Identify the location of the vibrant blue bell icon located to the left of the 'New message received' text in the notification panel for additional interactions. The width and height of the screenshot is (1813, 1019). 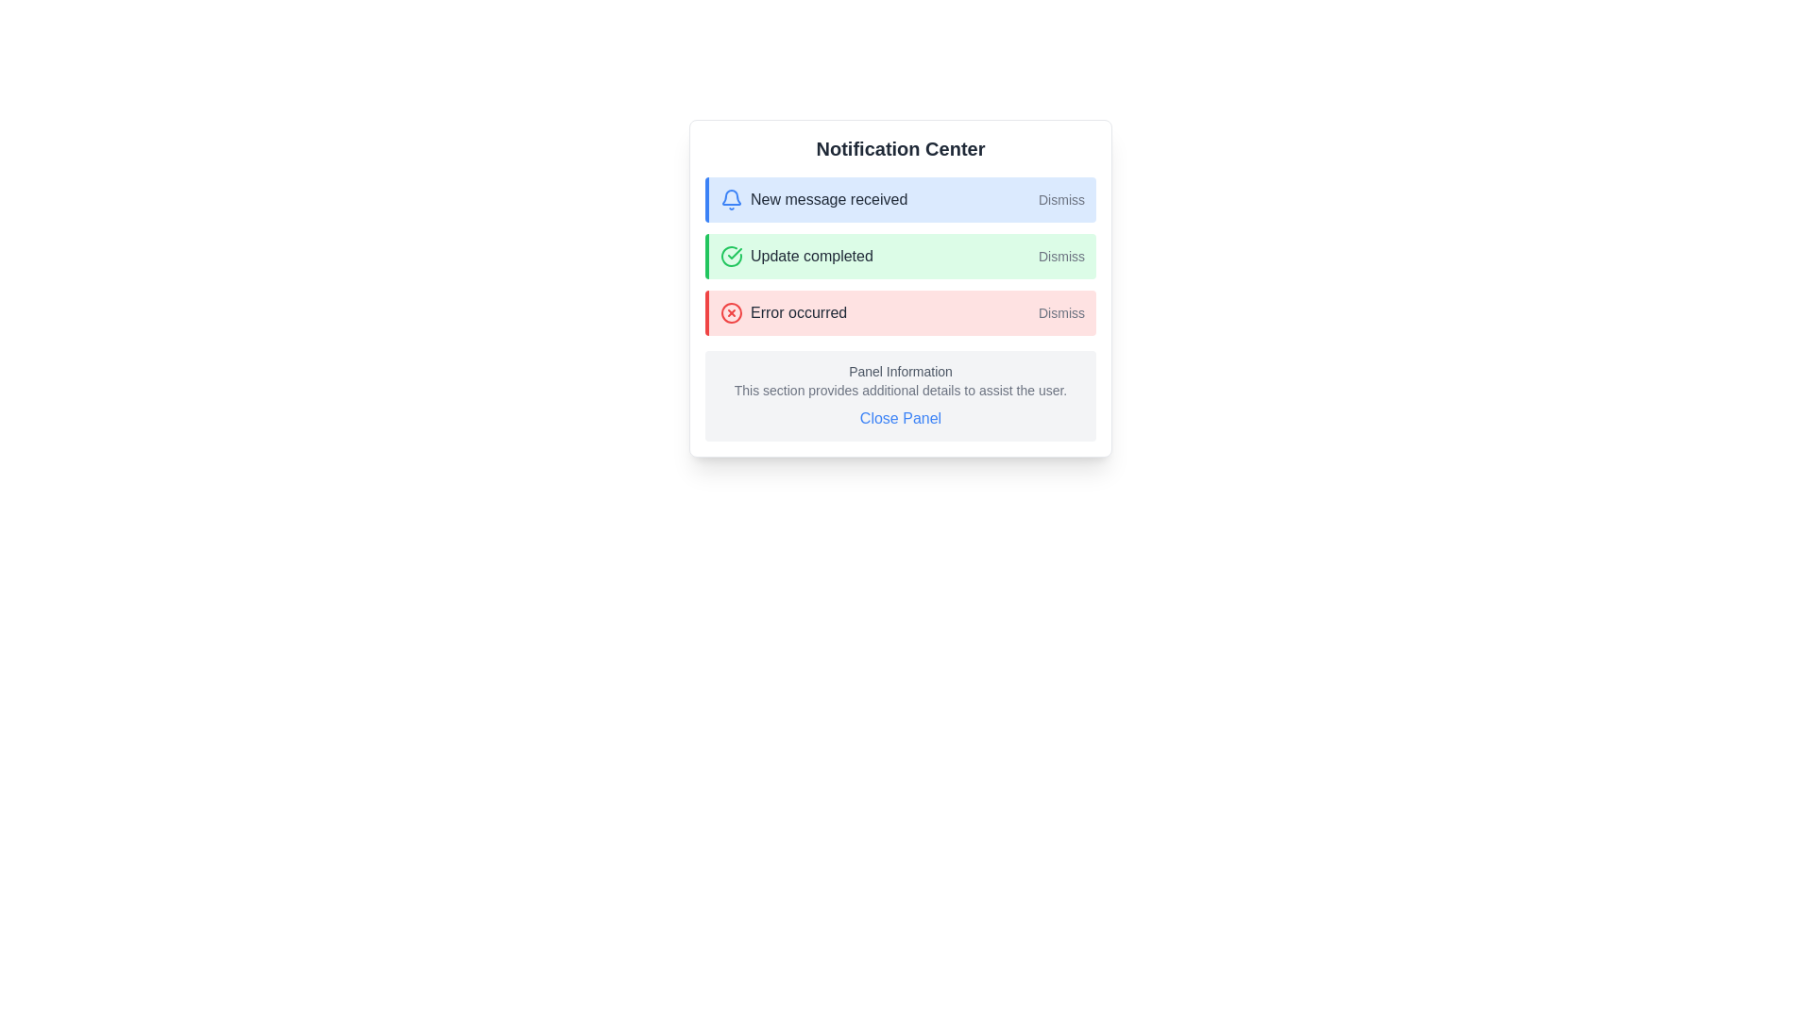
(730, 200).